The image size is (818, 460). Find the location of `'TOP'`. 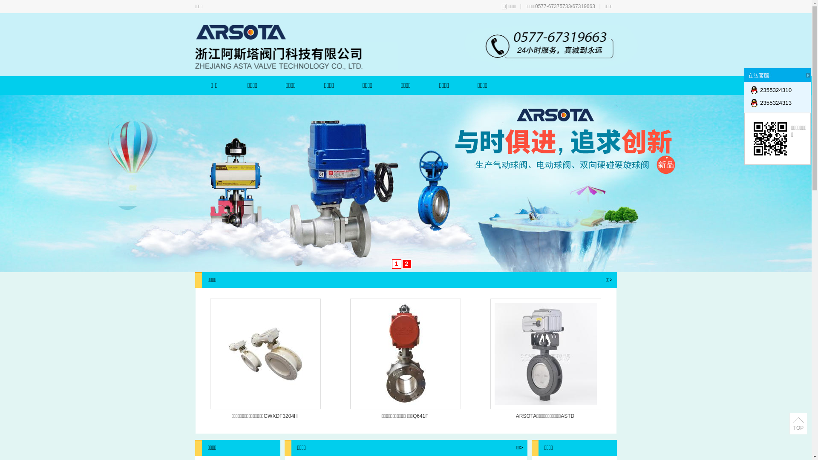

'TOP' is located at coordinates (798, 424).